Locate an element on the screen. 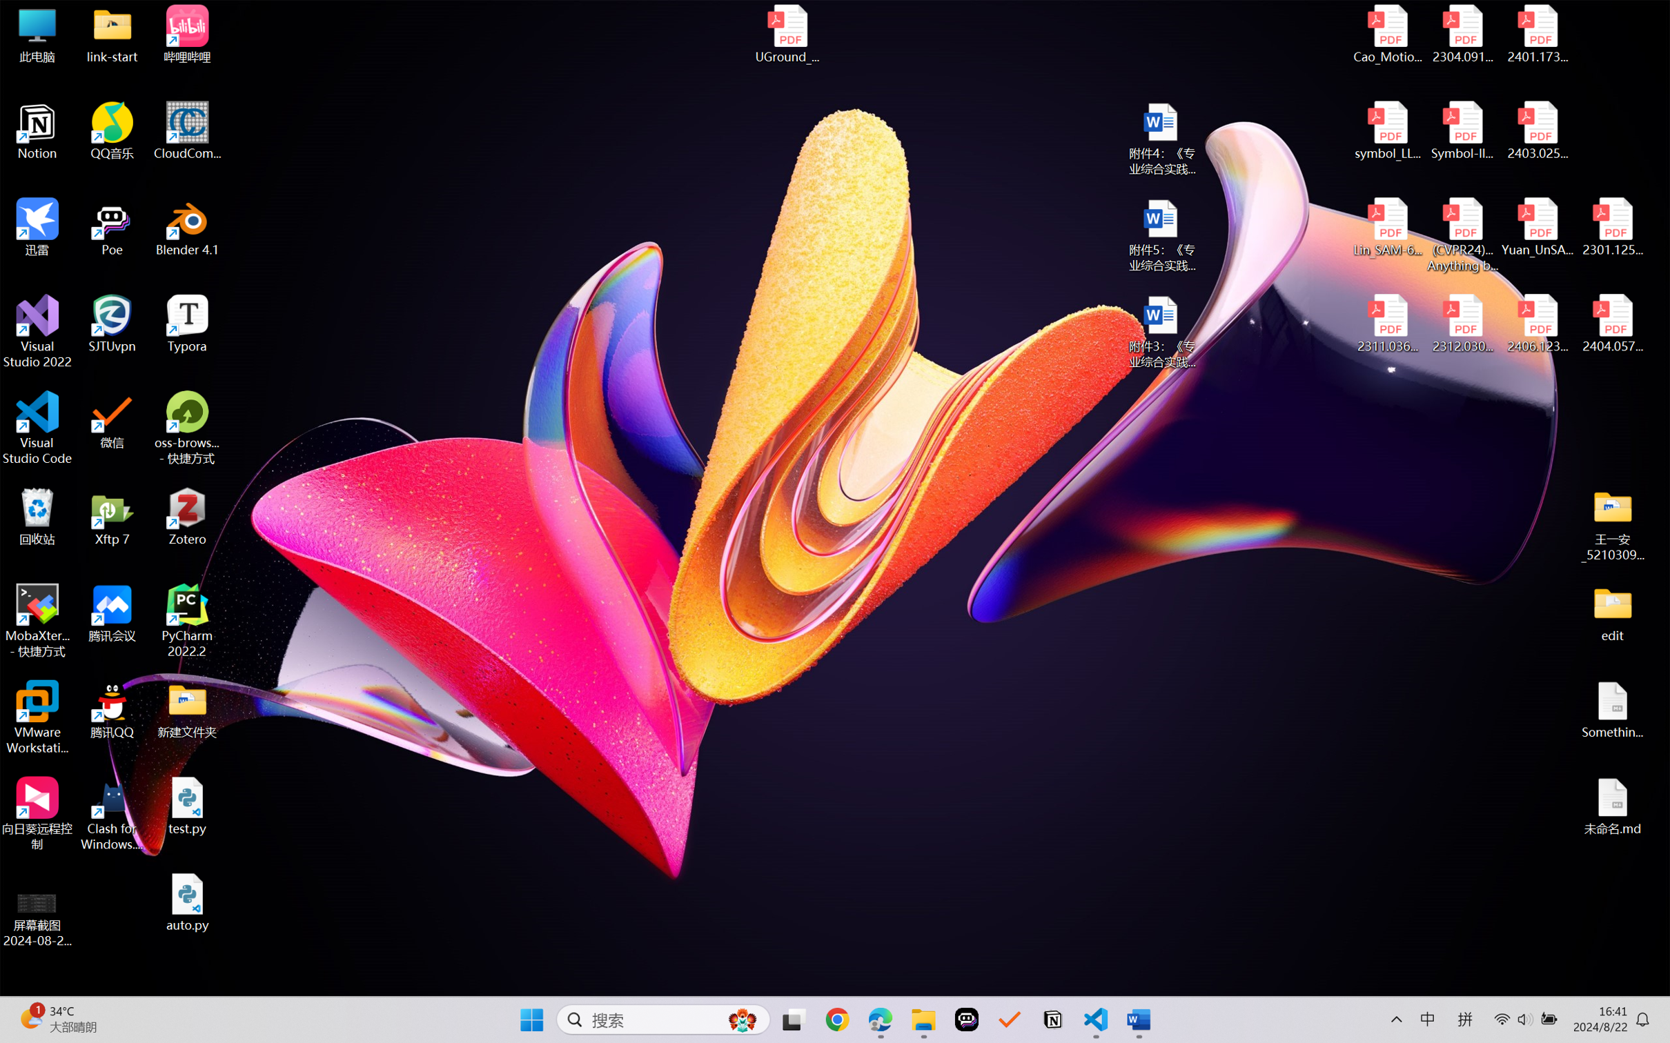 The image size is (1670, 1043). 'VMware Workstation Pro' is located at coordinates (37, 717).